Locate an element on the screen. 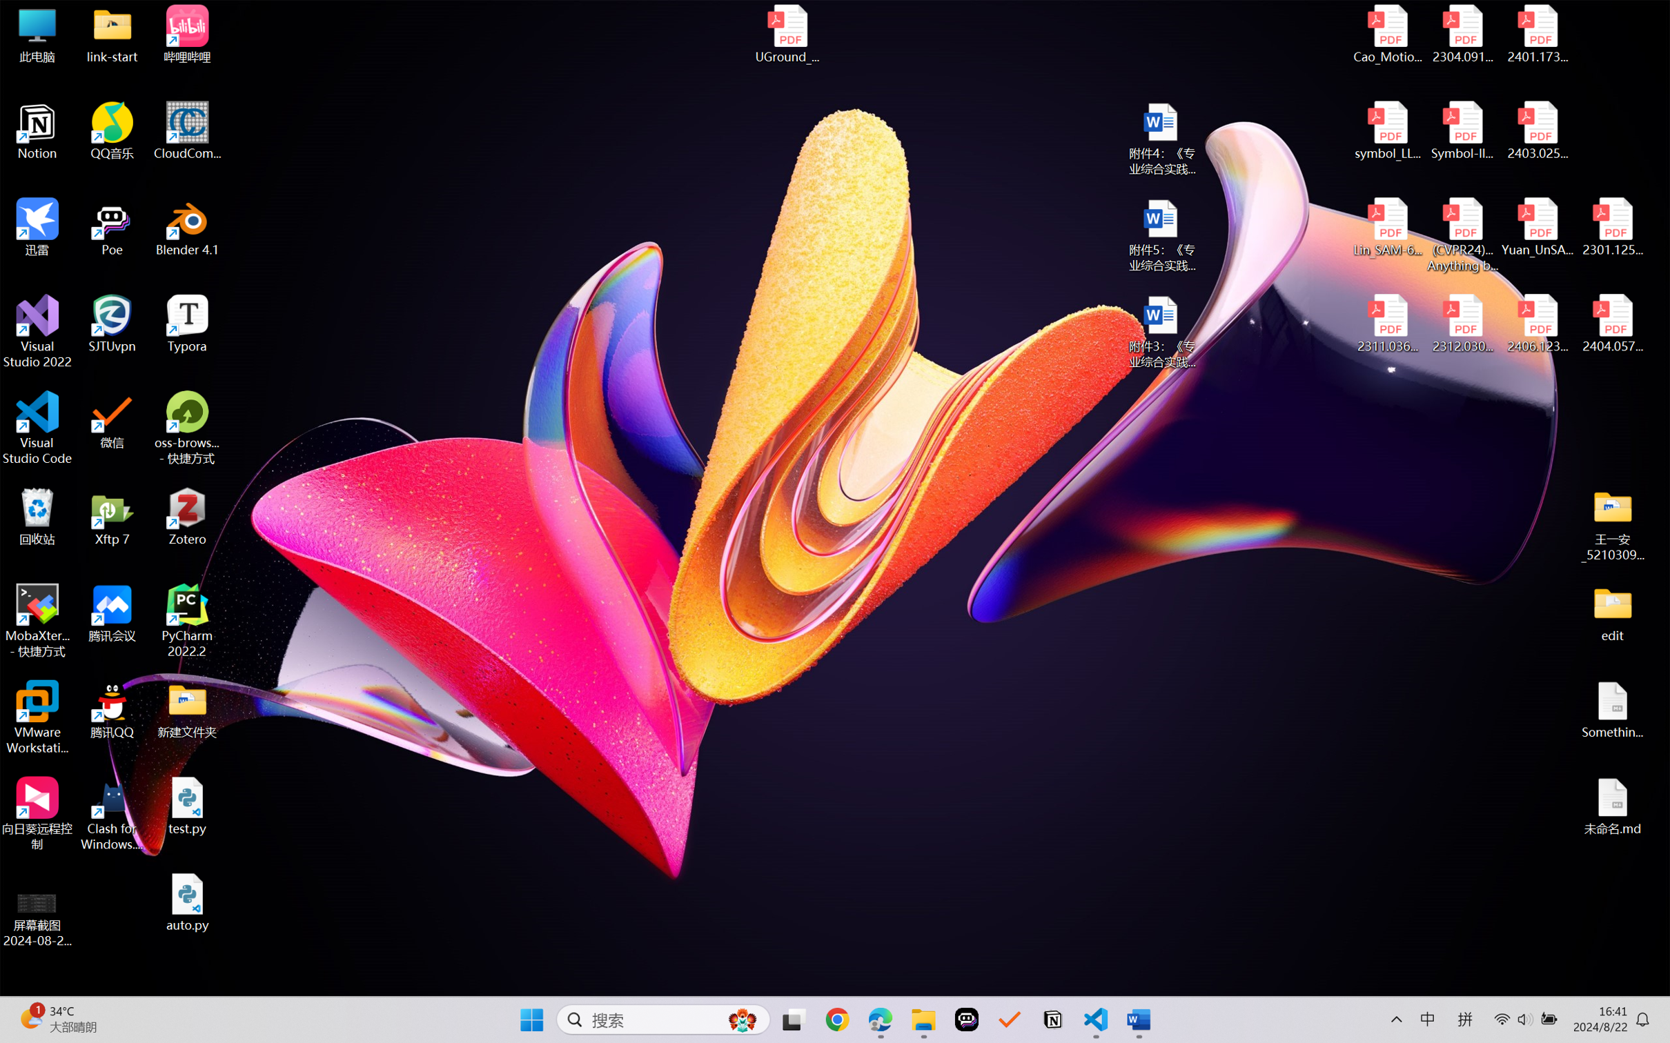 The image size is (1670, 1043). 'VMware Workstation Pro' is located at coordinates (37, 717).